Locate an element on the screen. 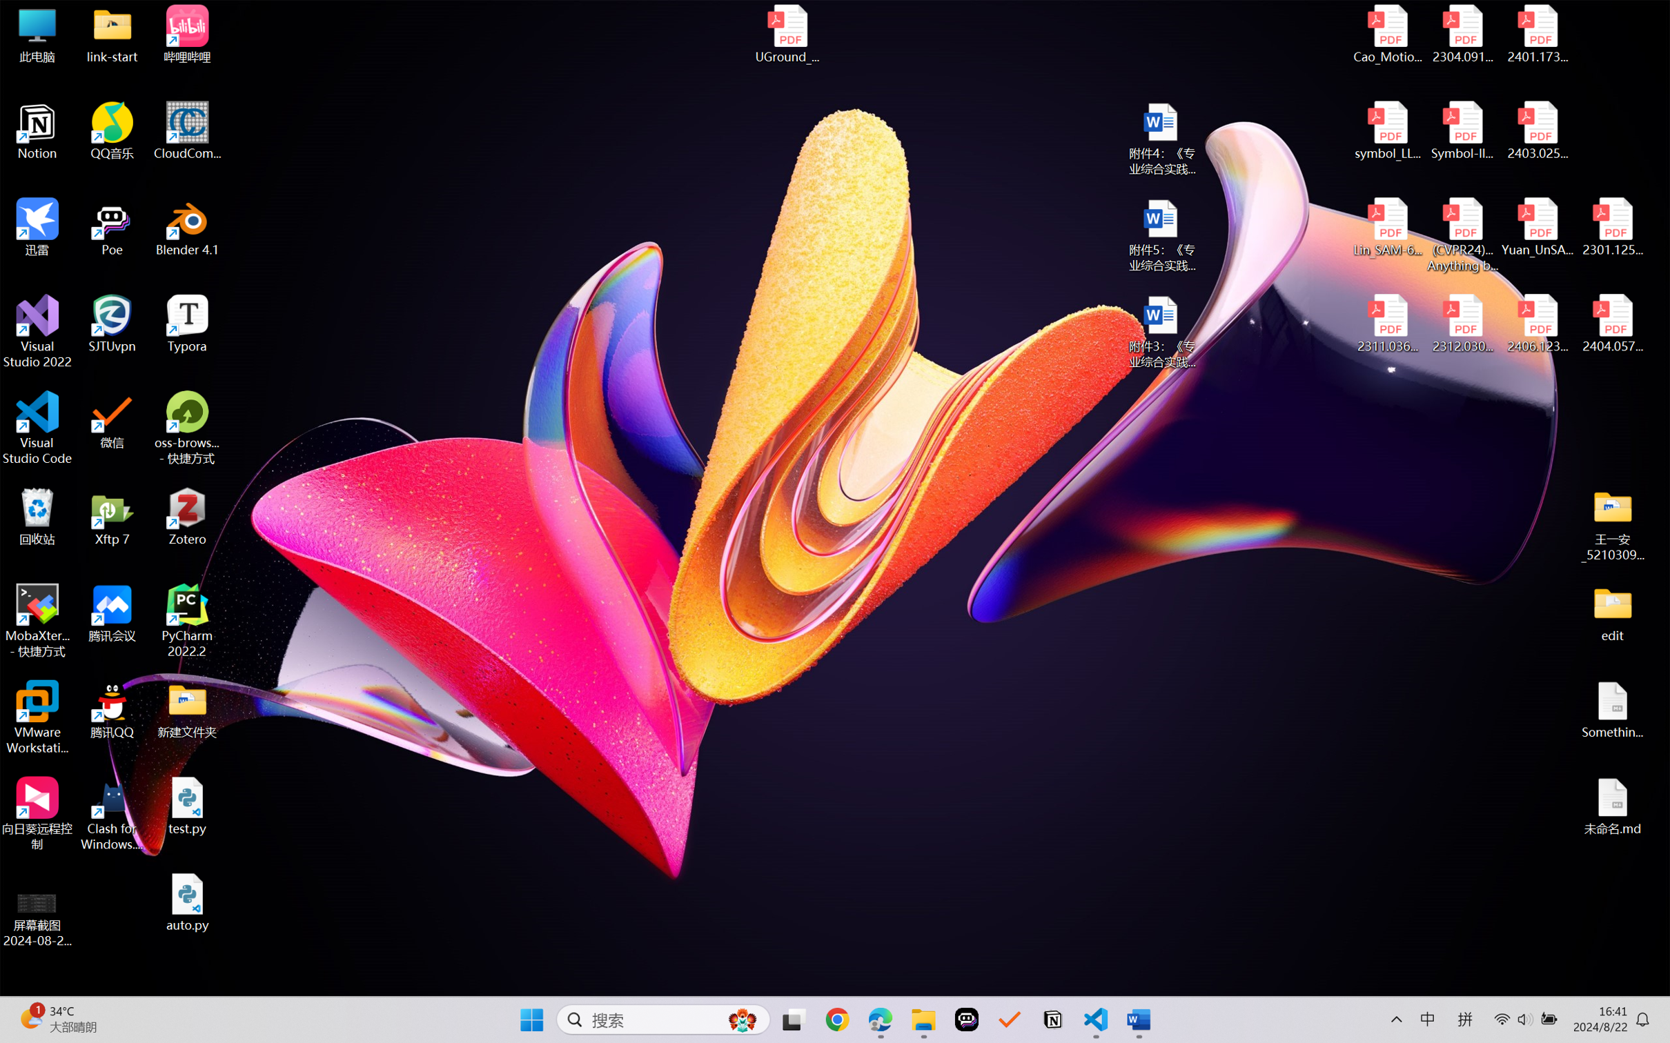 The image size is (1670, 1043). 'VMware Workstation Pro' is located at coordinates (37, 717).